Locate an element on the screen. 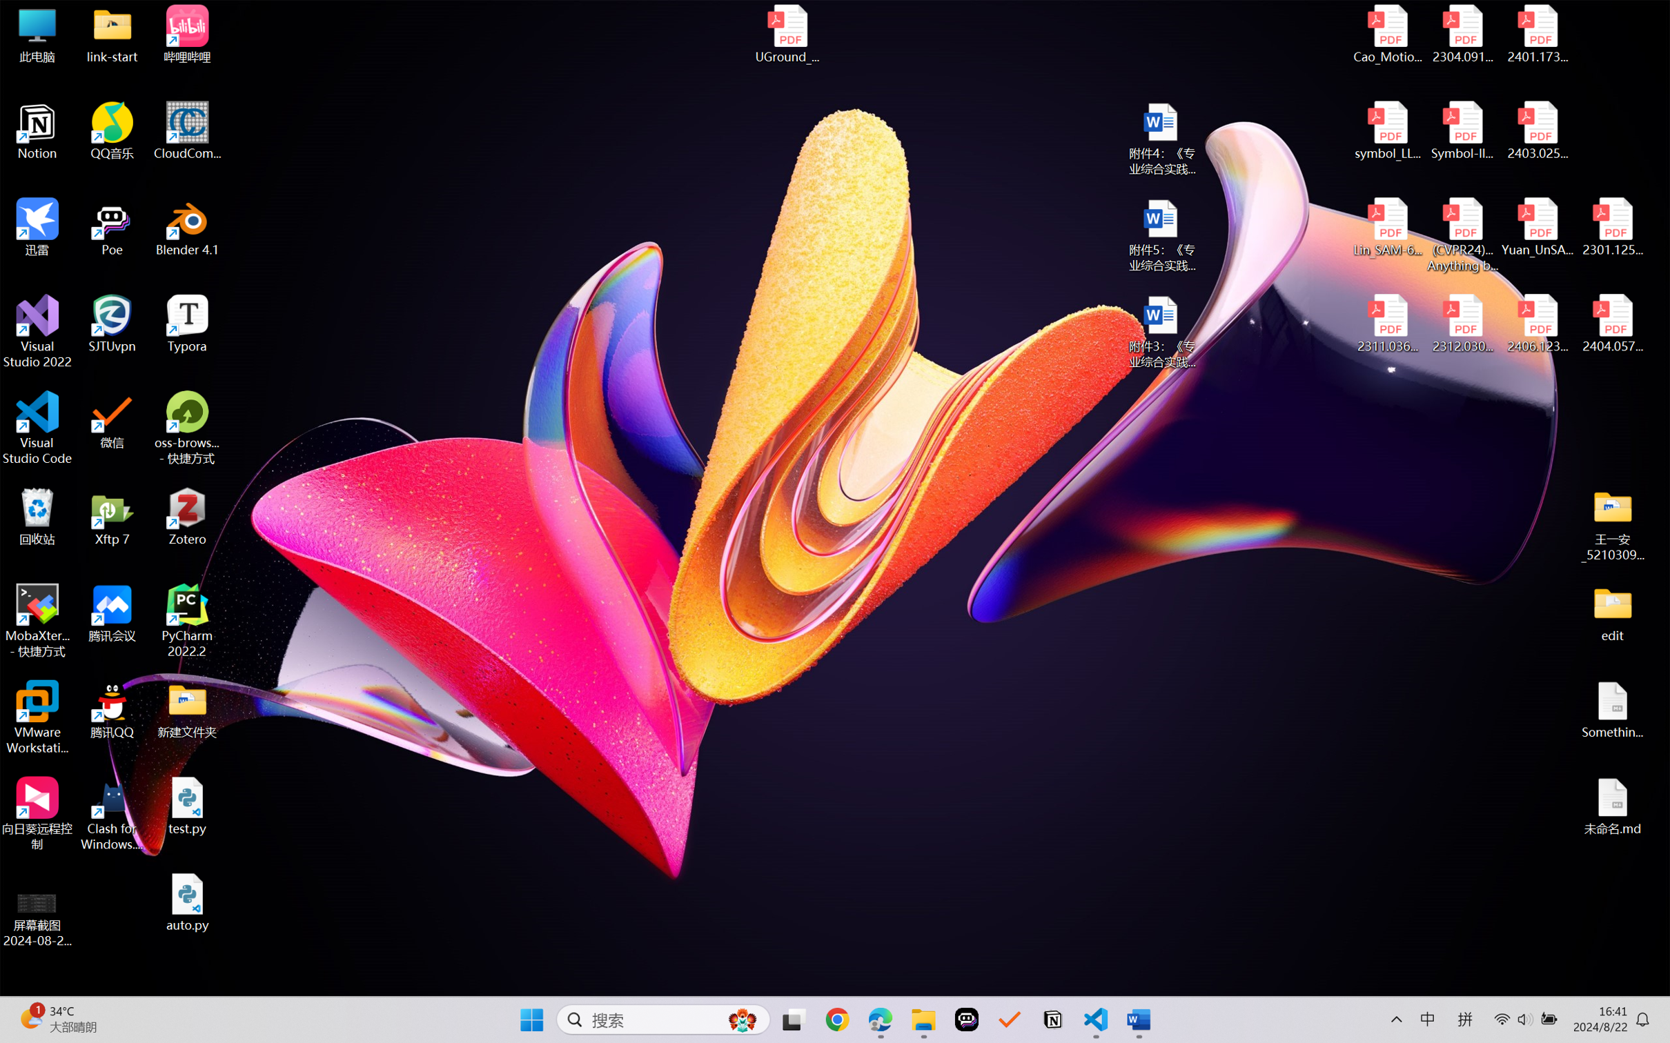 The image size is (1670, 1043). 'VMware Workstation Pro' is located at coordinates (37, 717).